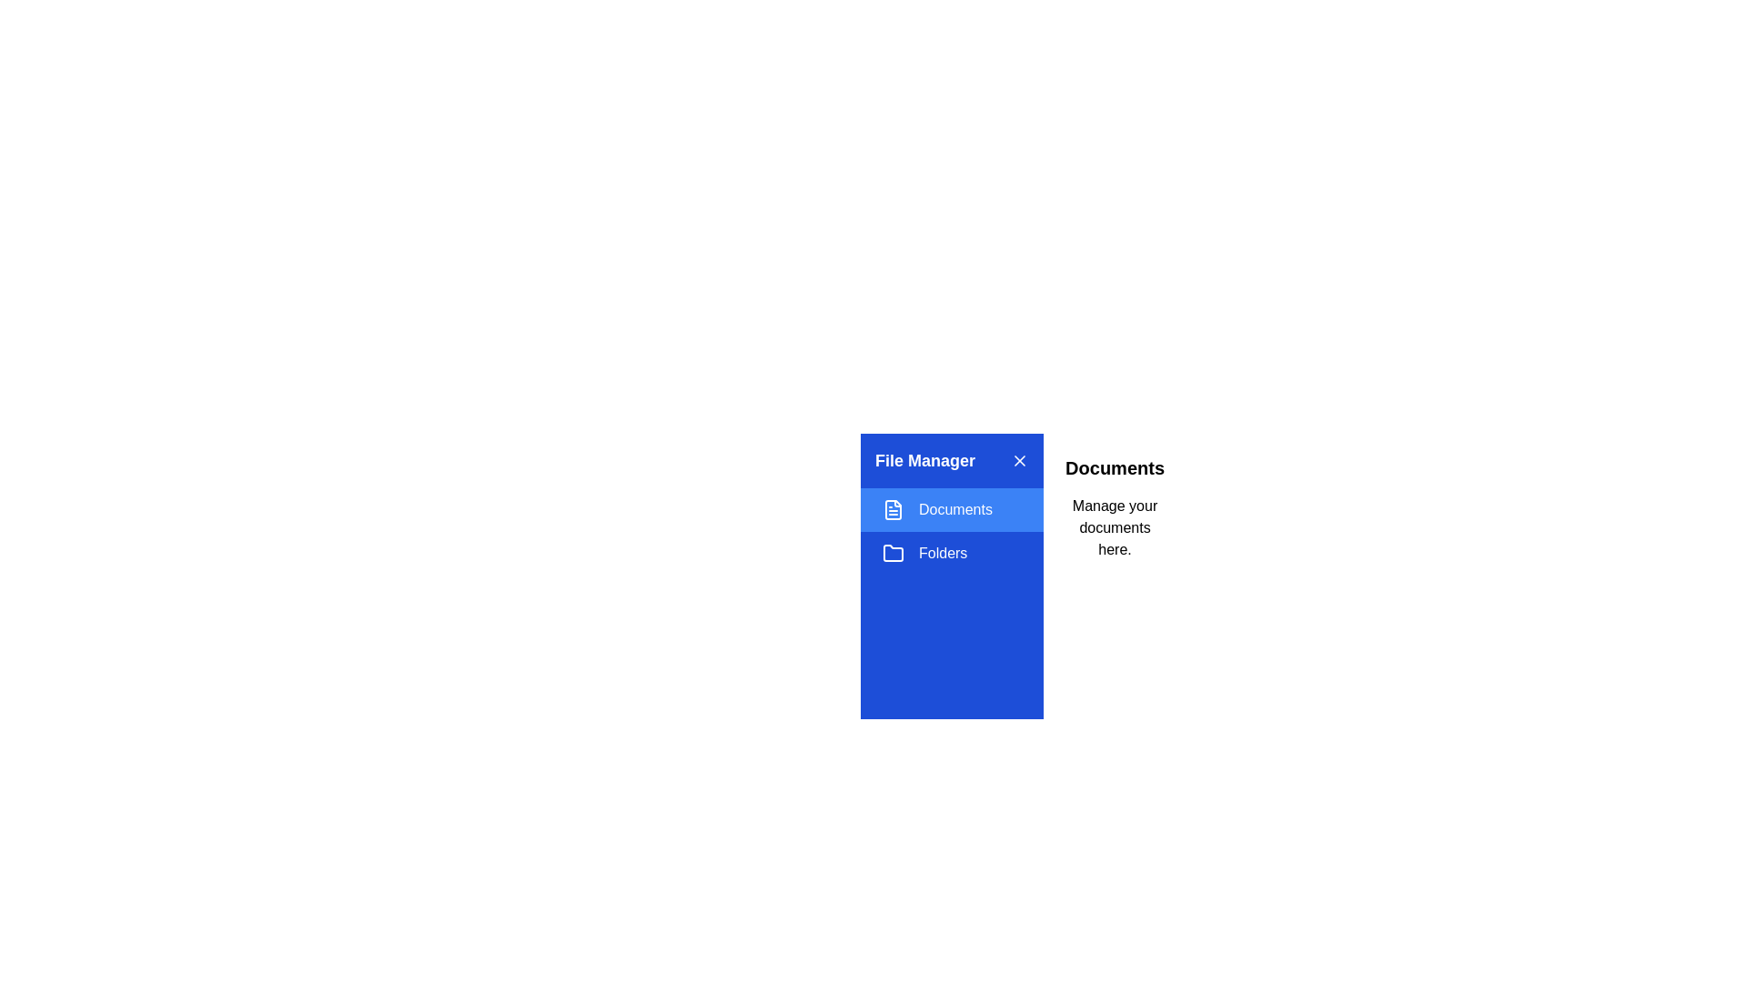  What do you see at coordinates (894, 509) in the screenshot?
I see `the section represented by the icon Documents` at bounding box center [894, 509].